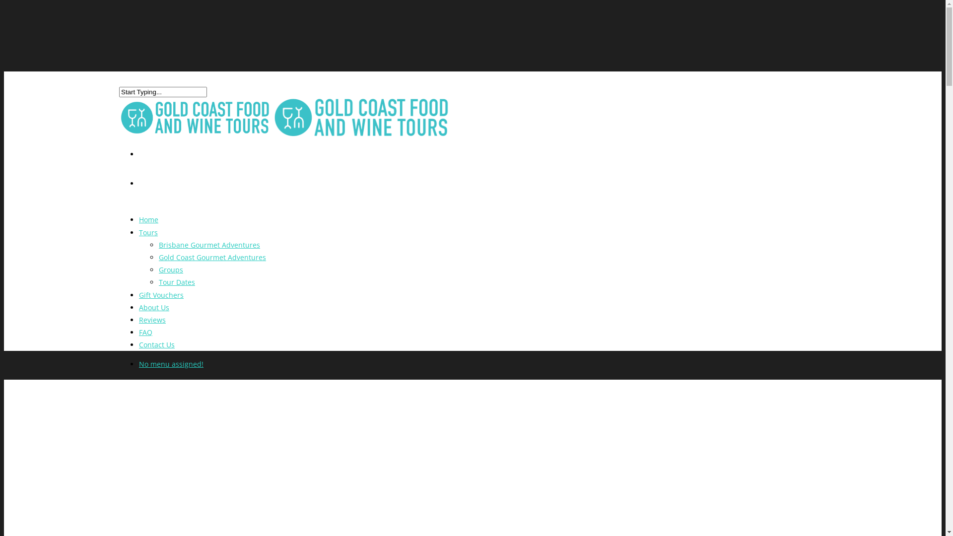 The height and width of the screenshot is (536, 953). Describe the element at coordinates (211, 257) in the screenshot. I see `'Gold Coast Gourmet Adventures'` at that location.